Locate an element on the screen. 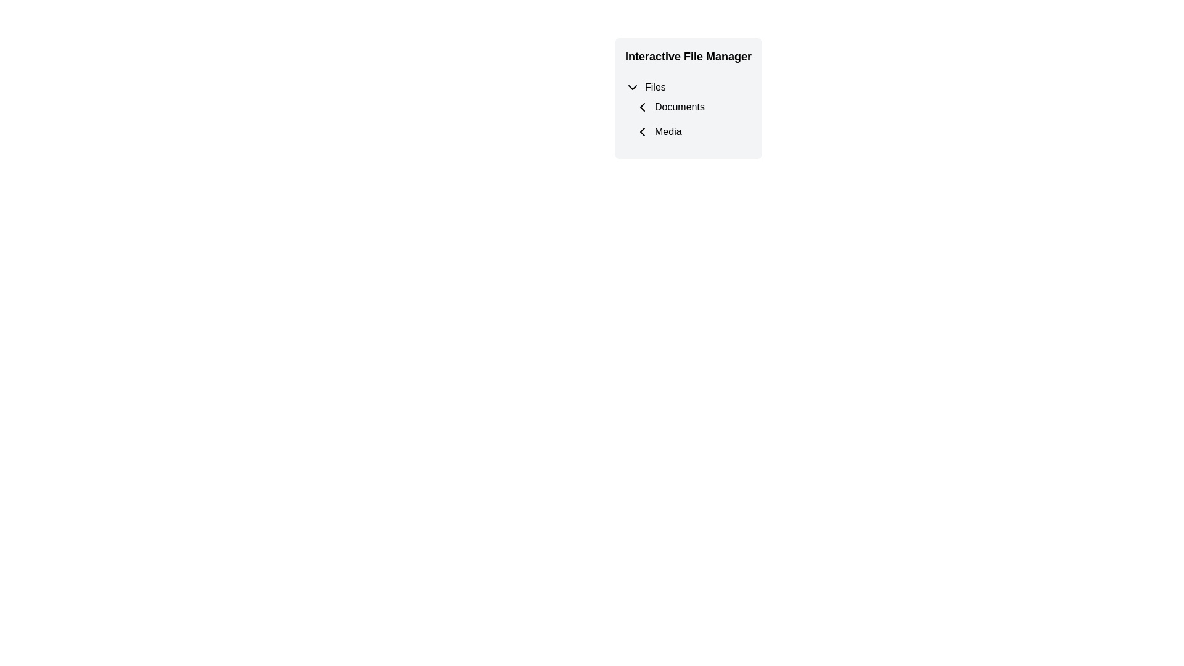  the text label 'Documents' which is part of the expandable menu under 'Interactive File Manager' to interact with it is located at coordinates (688, 112).